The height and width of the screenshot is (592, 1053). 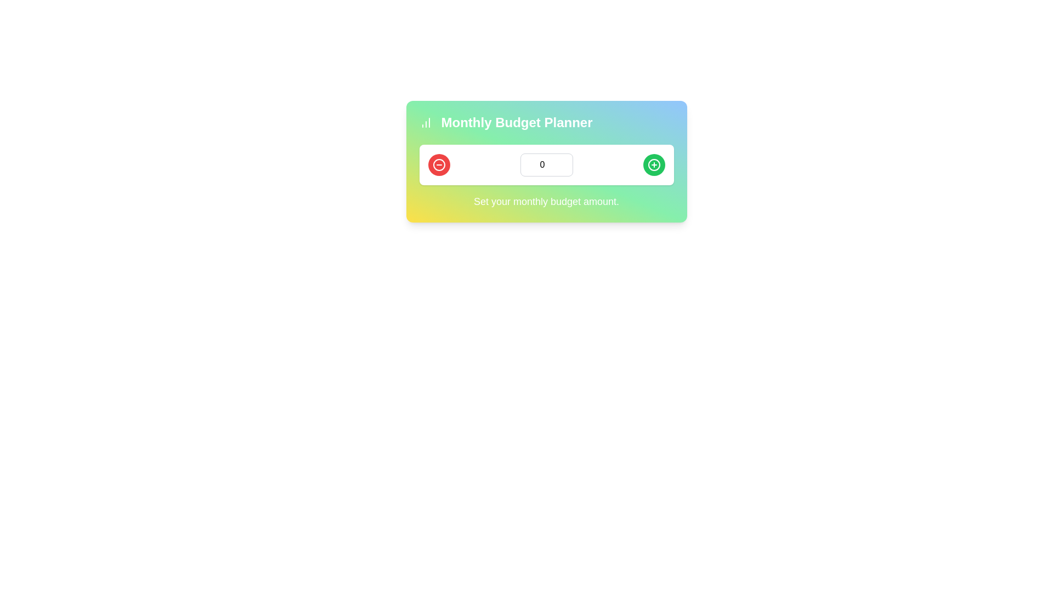 I want to click on the design of the main circular element of the circle-plus icon located on the right side of the central area of the 'Monthly Budget Planner' interface, so click(x=654, y=164).